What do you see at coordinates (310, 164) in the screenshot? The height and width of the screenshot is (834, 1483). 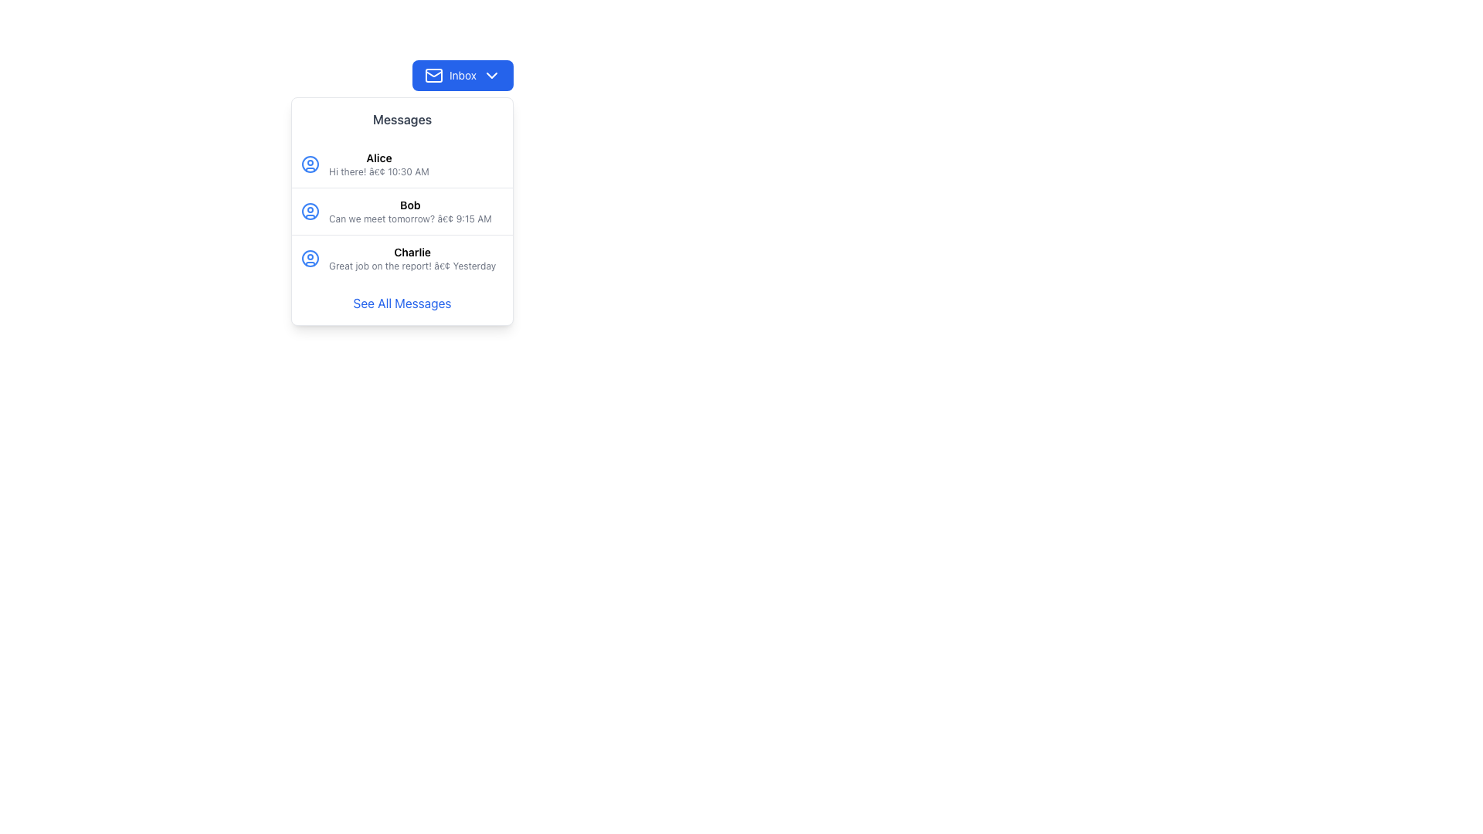 I see `the Profile Icon for 'Alice', which is a circular user profile icon with a blue outline` at bounding box center [310, 164].